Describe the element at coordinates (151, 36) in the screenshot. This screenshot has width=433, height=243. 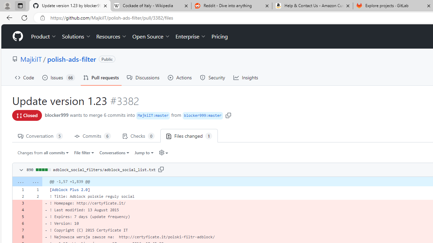
I see `'Open Source'` at that location.